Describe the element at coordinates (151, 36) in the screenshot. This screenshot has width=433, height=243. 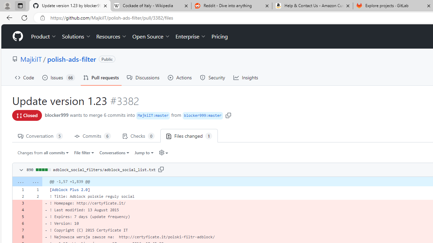
I see `'Open Source'` at that location.